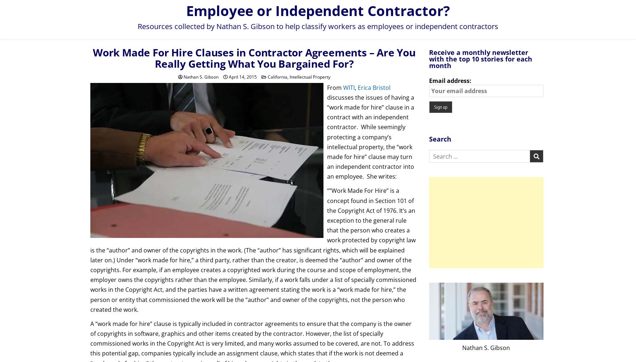  I want to click on 'Email address:', so click(449, 80).